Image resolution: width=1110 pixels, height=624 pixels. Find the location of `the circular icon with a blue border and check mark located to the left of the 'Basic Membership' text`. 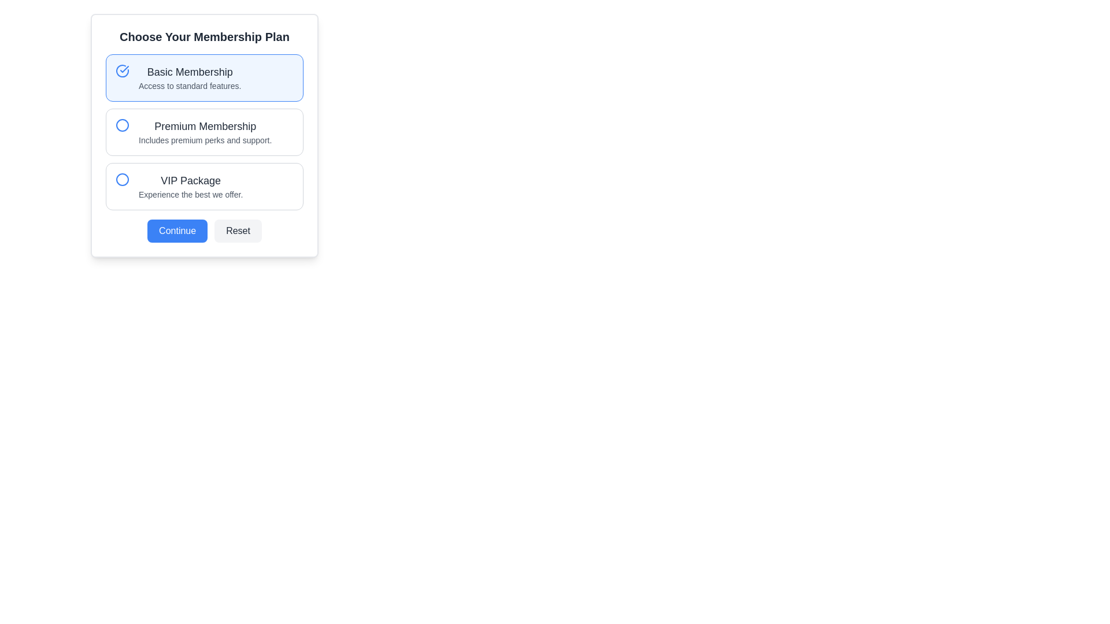

the circular icon with a blue border and check mark located to the left of the 'Basic Membership' text is located at coordinates (122, 71).